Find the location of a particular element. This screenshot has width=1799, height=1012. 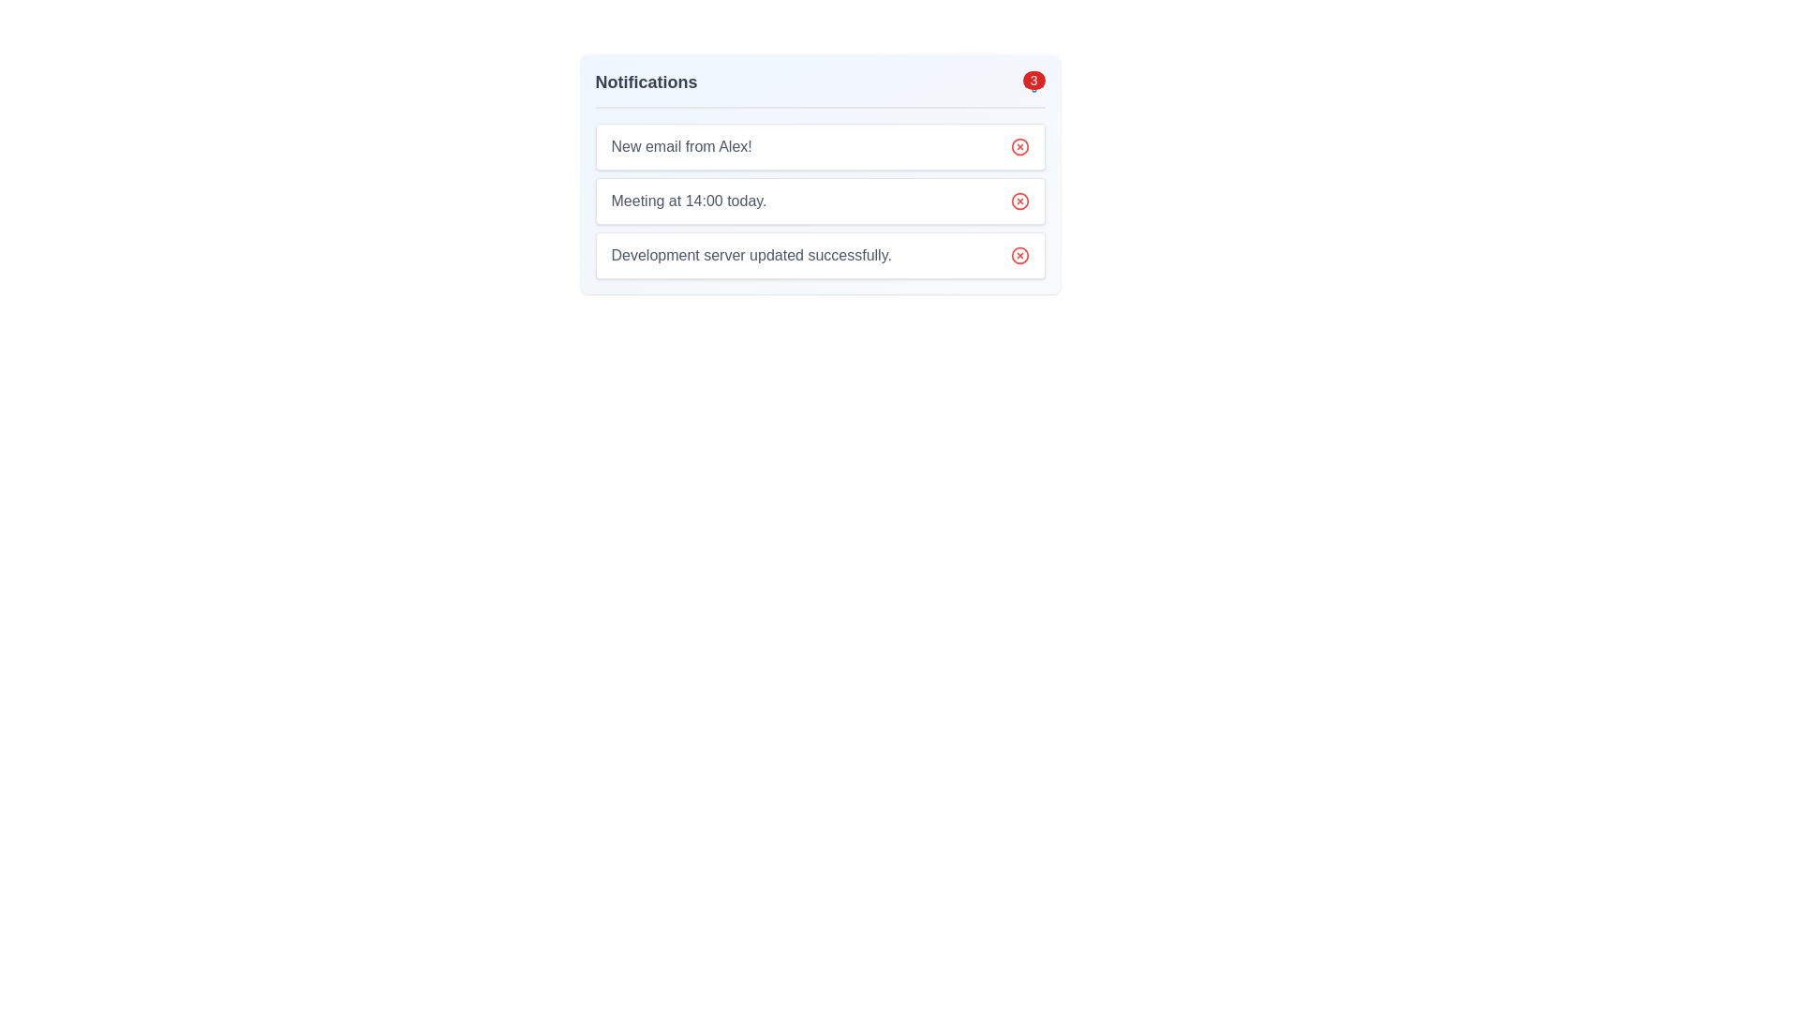

the circular close icon in the notification list is located at coordinates (1018, 256).